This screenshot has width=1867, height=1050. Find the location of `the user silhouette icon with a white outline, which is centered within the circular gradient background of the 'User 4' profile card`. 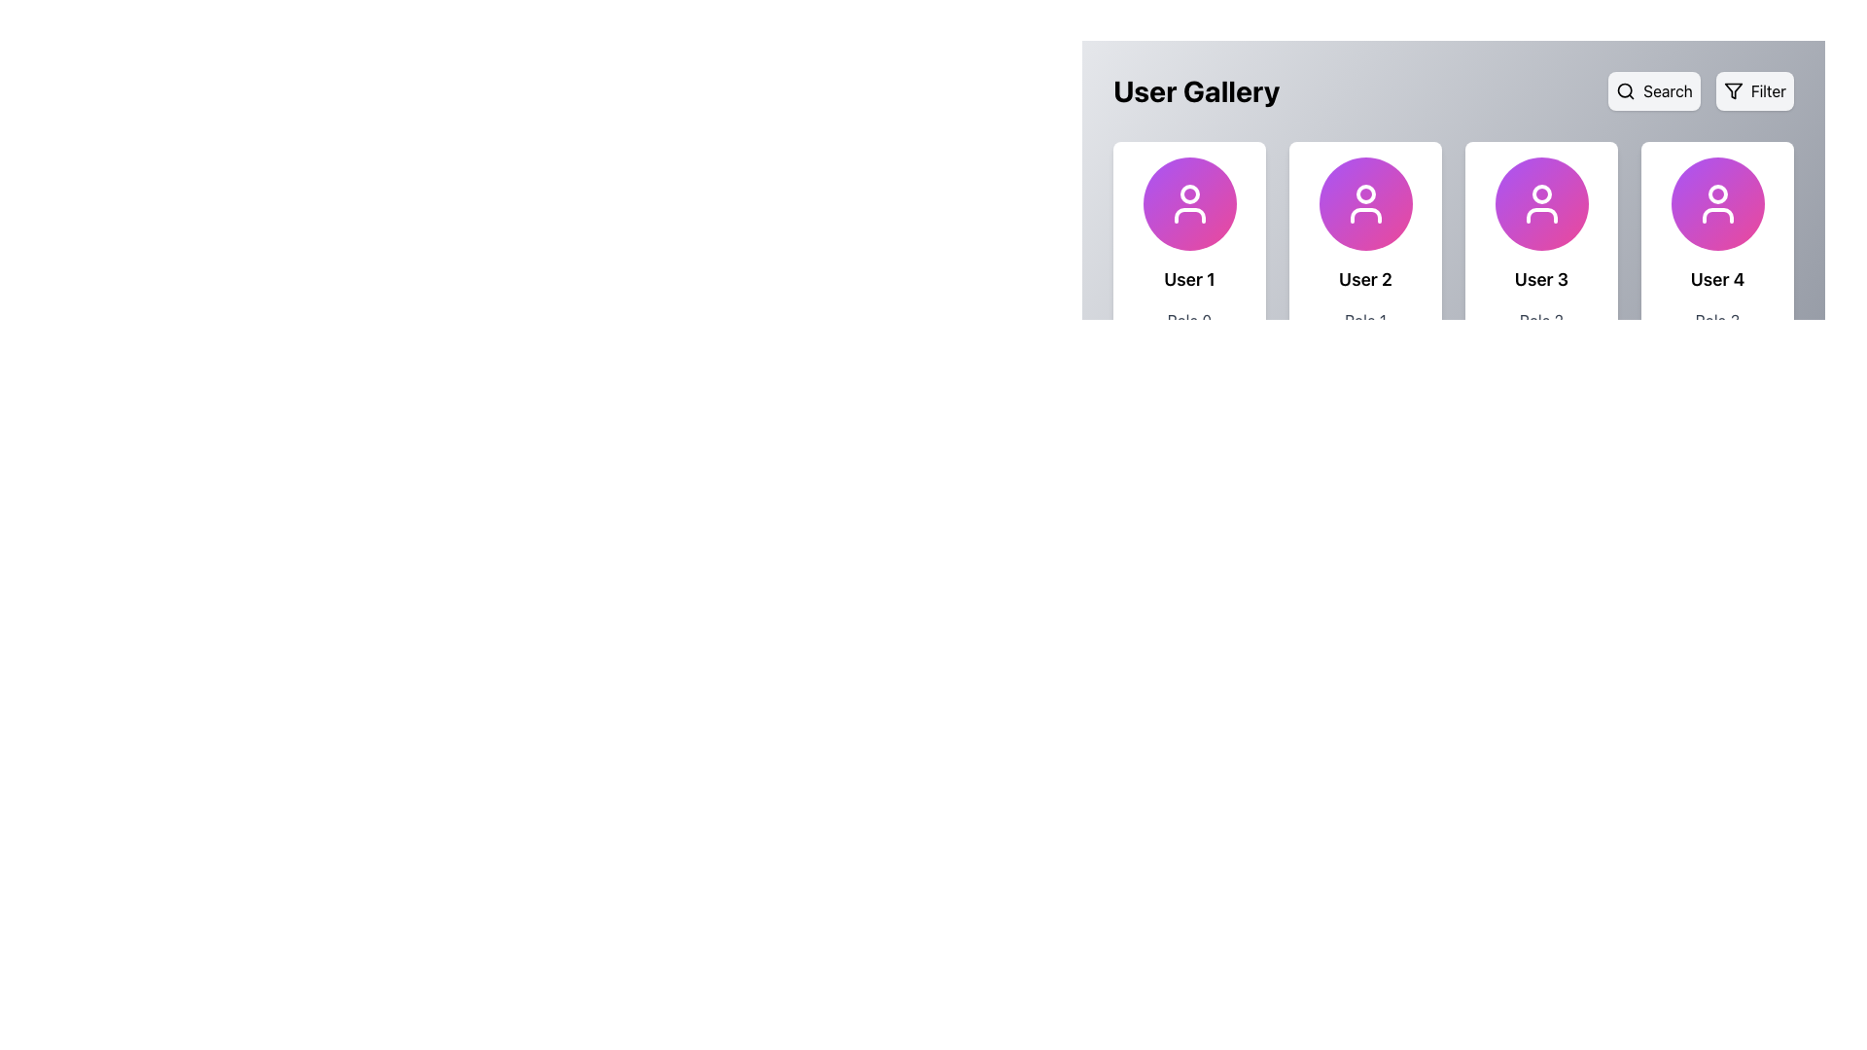

the user silhouette icon with a white outline, which is centered within the circular gradient background of the 'User 4' profile card is located at coordinates (1717, 203).